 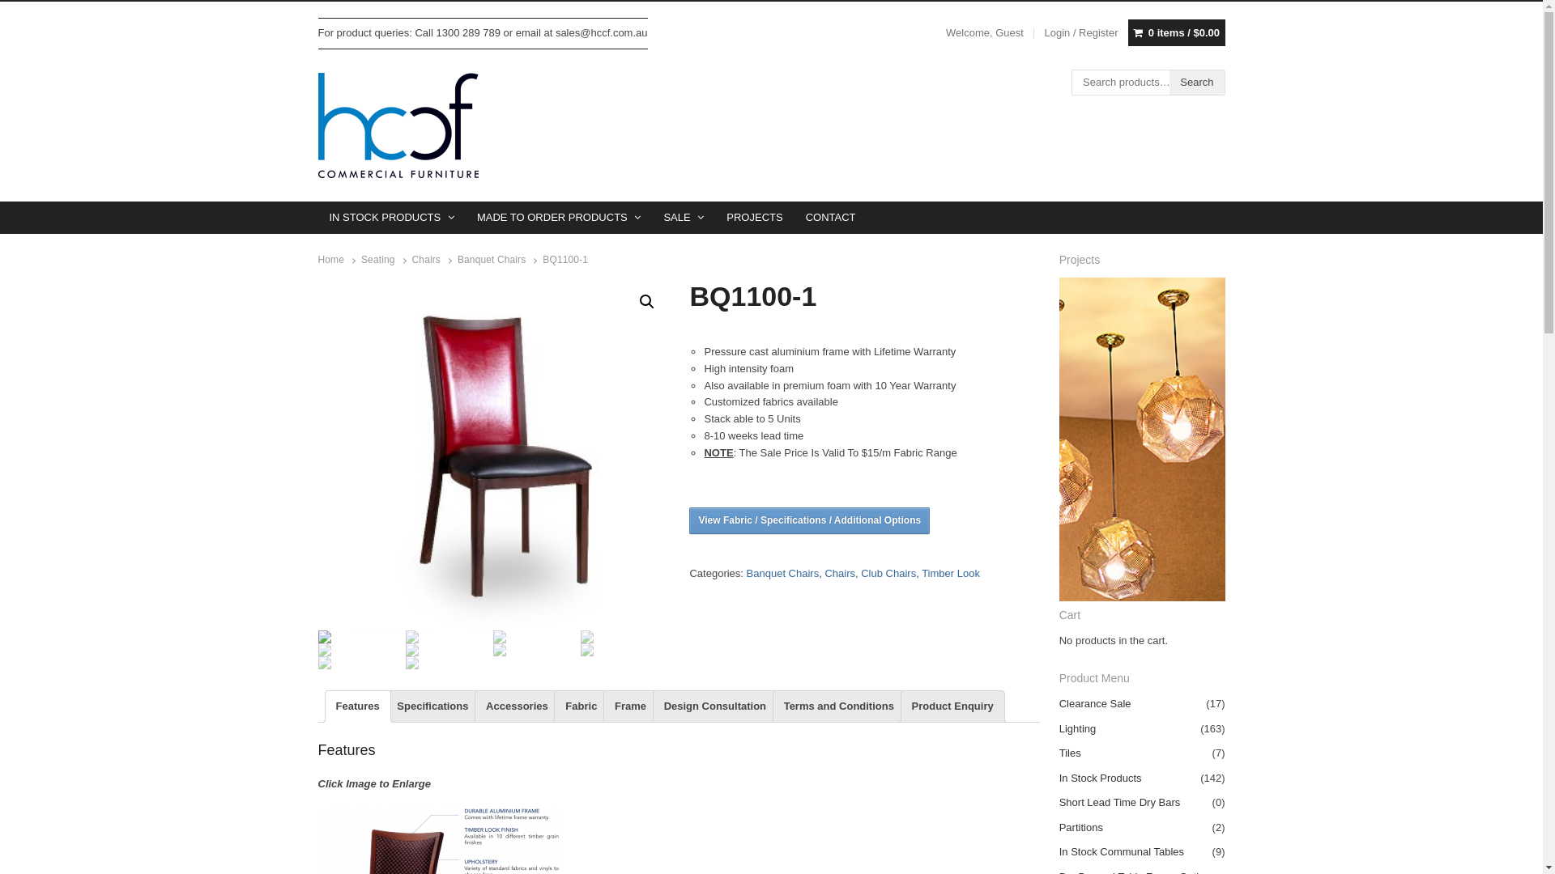 What do you see at coordinates (1059, 702) in the screenshot?
I see `'Clearance Sale'` at bounding box center [1059, 702].